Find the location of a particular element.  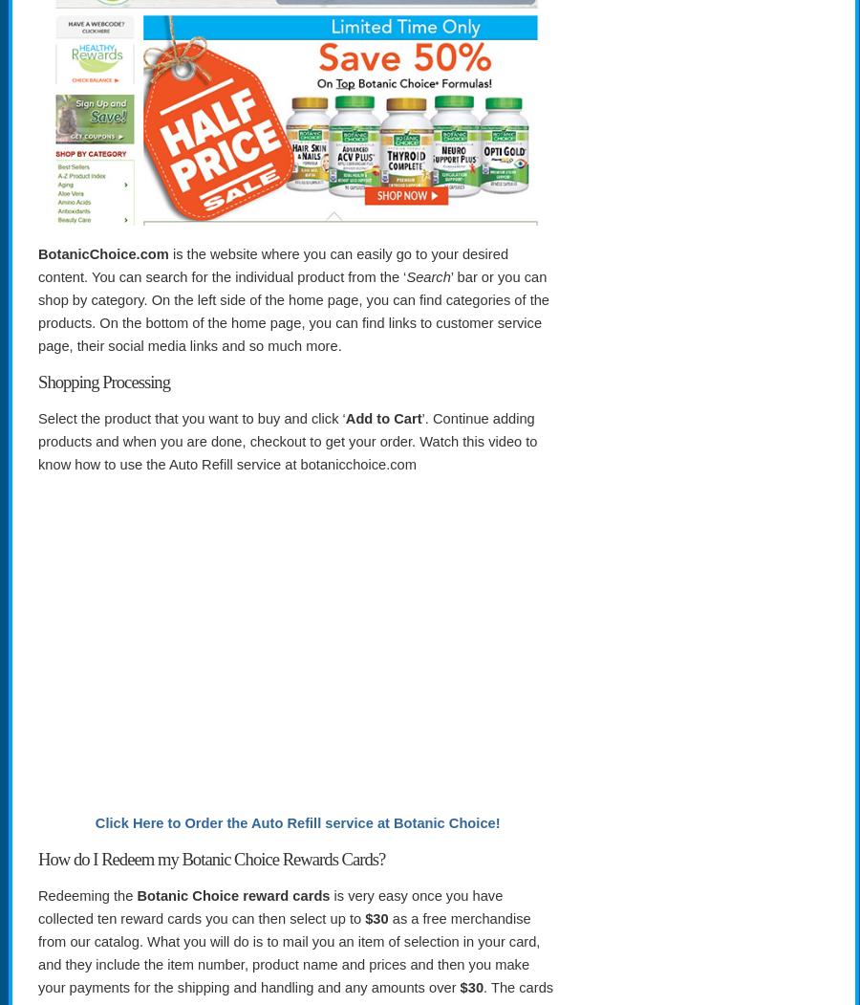

'as a free merchandise from our catalog. What you will do is to mail you an item of selection in your card, and they include the item number, product name and prices and then you make your payments for the shipping and handling and any amounts over' is located at coordinates (36, 952).